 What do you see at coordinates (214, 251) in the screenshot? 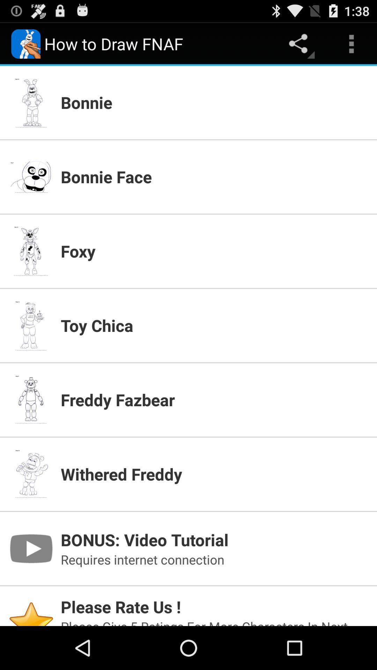
I see `the foxy item` at bounding box center [214, 251].